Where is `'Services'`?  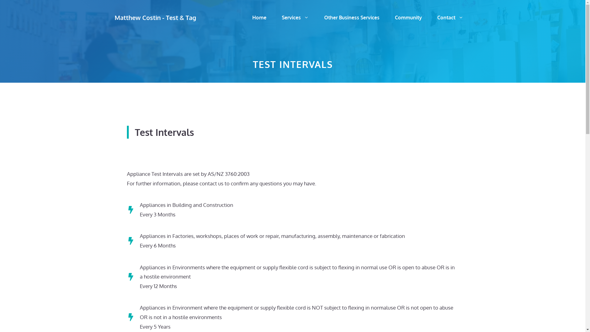
'Services' is located at coordinates (295, 17).